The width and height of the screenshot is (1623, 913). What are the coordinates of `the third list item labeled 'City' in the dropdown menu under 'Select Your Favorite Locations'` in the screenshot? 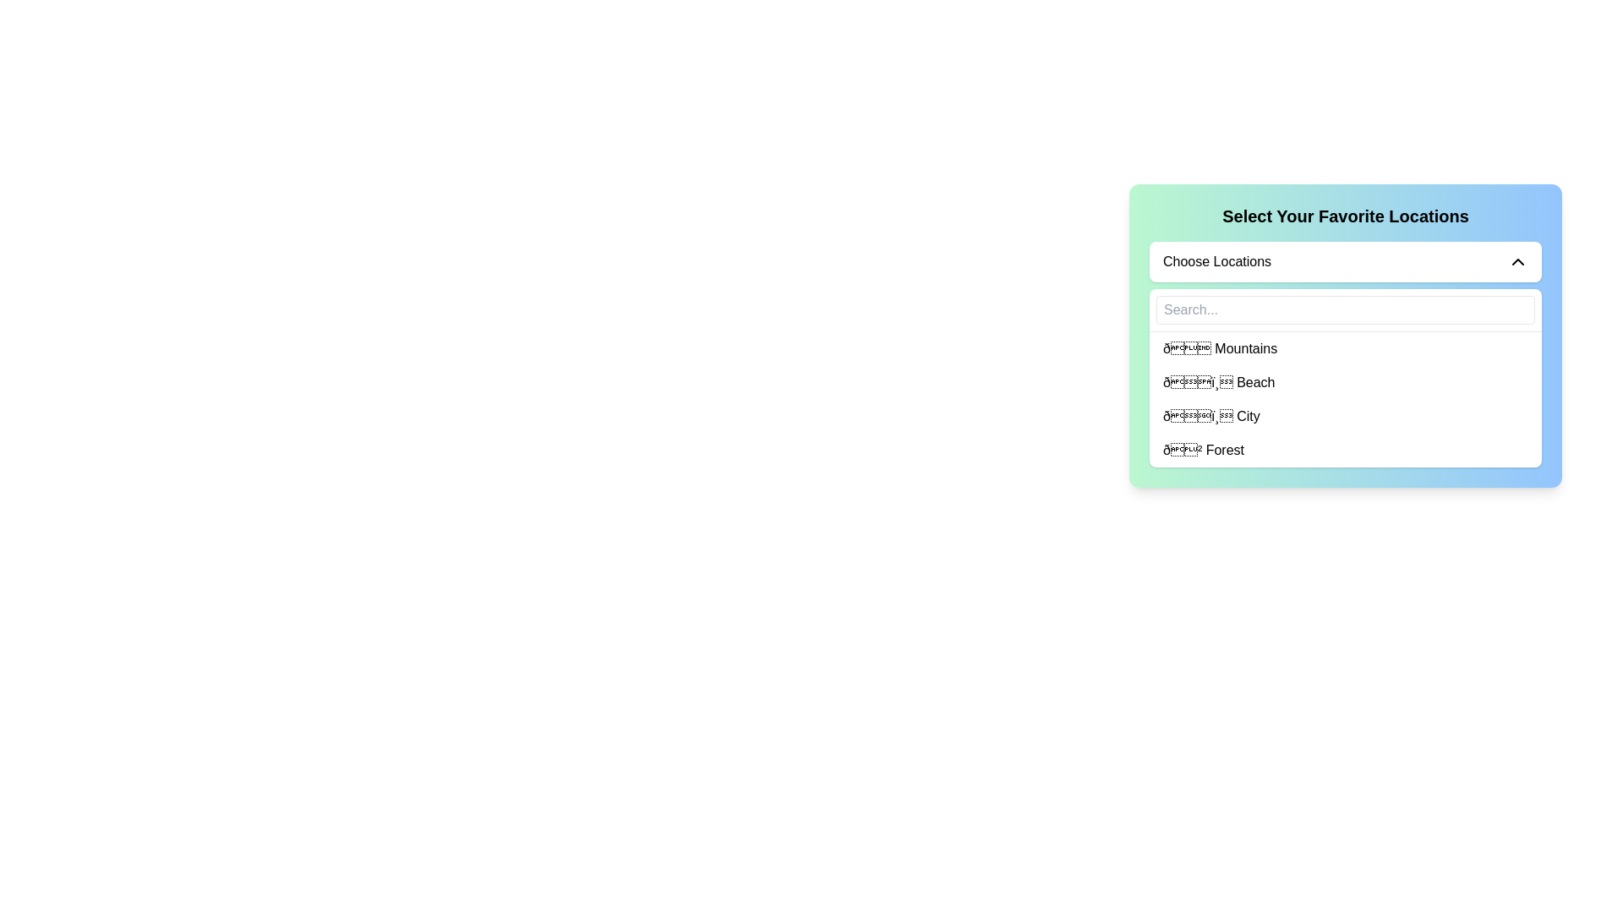 It's located at (1345, 417).